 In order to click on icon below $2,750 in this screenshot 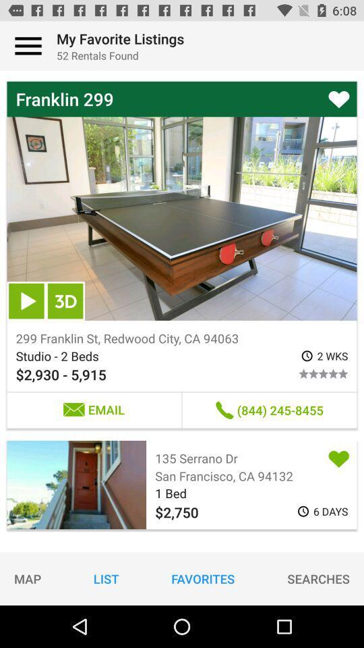, I will do `click(202, 578)`.